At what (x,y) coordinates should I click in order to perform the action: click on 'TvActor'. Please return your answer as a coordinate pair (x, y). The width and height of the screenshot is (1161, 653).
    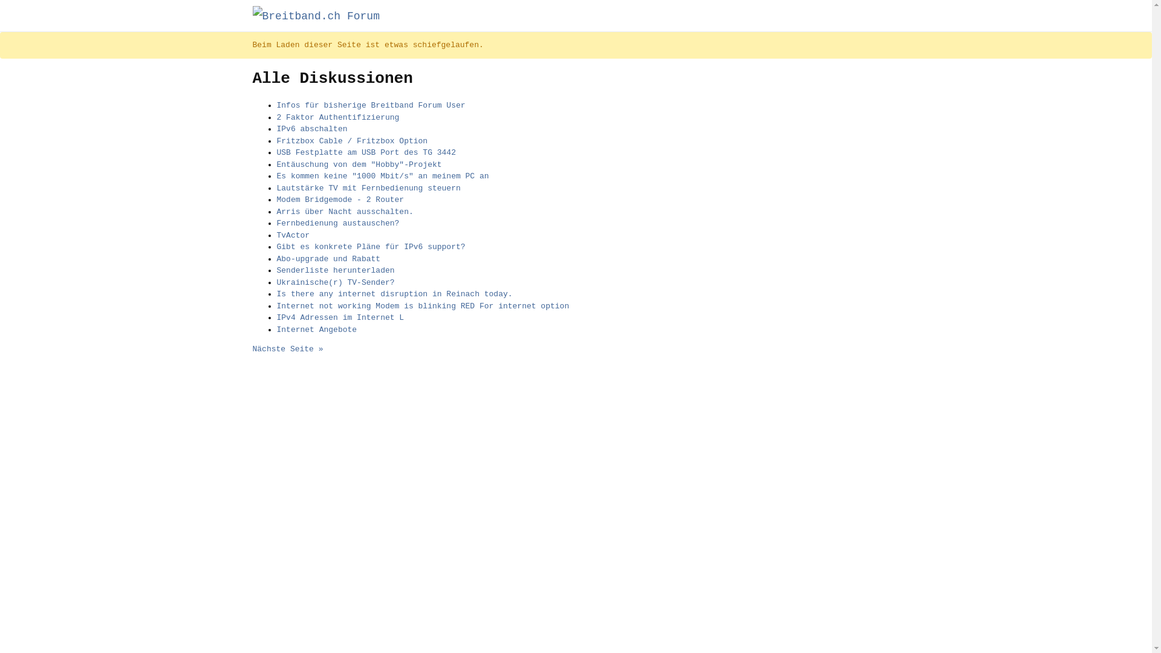
    Looking at the image, I should click on (293, 235).